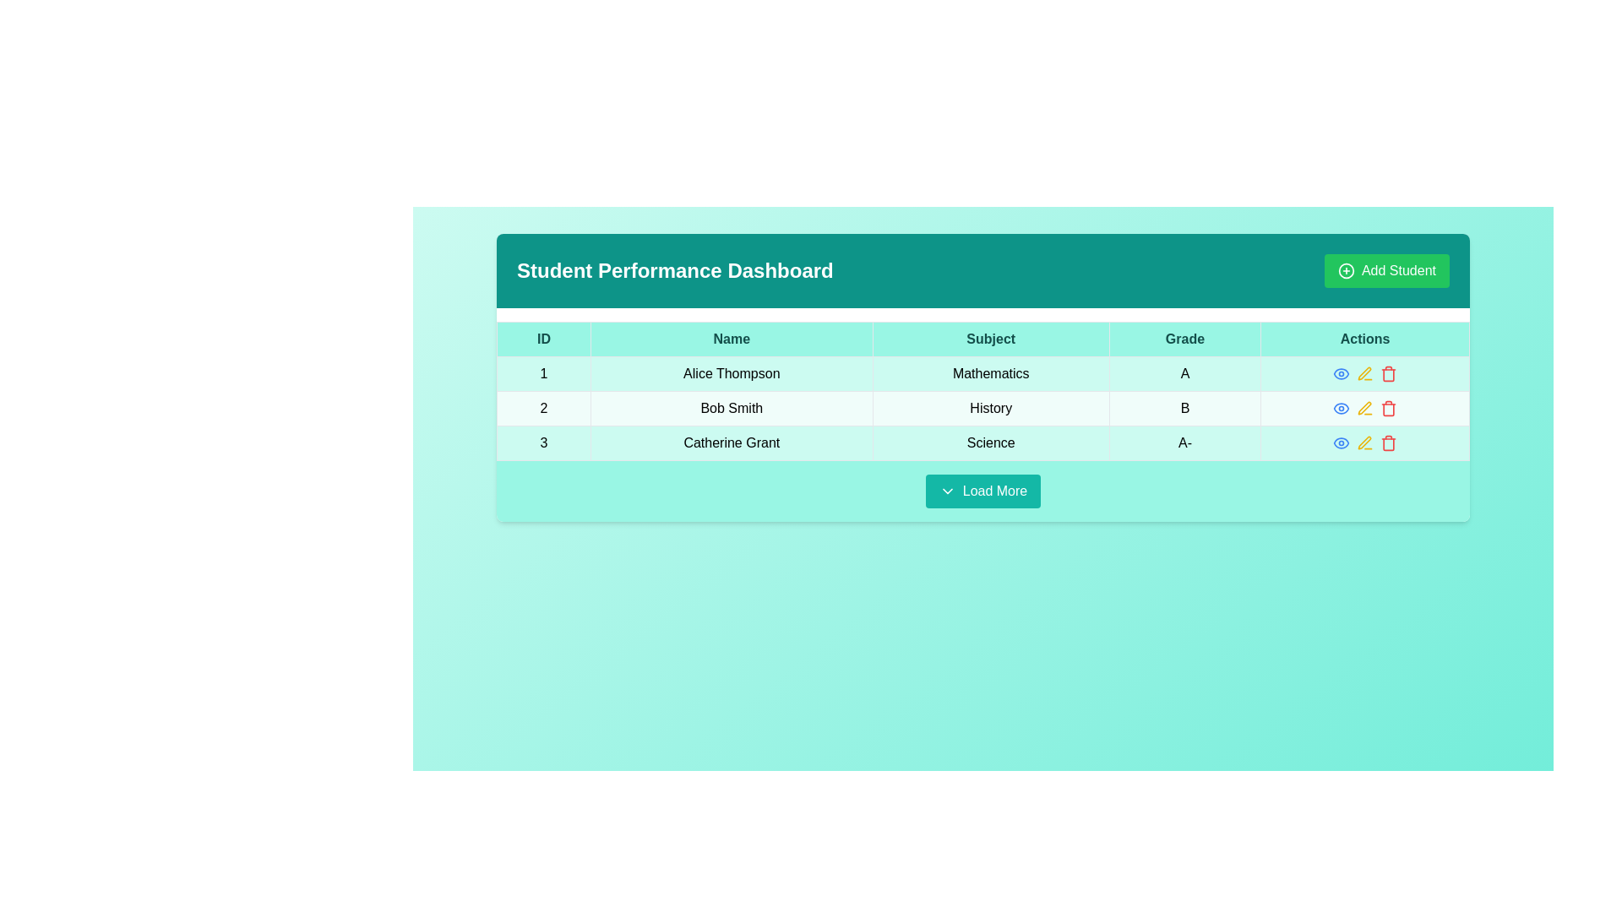 The width and height of the screenshot is (1622, 912). Describe the element at coordinates (991, 408) in the screenshot. I see `the 'History' static text label` at that location.